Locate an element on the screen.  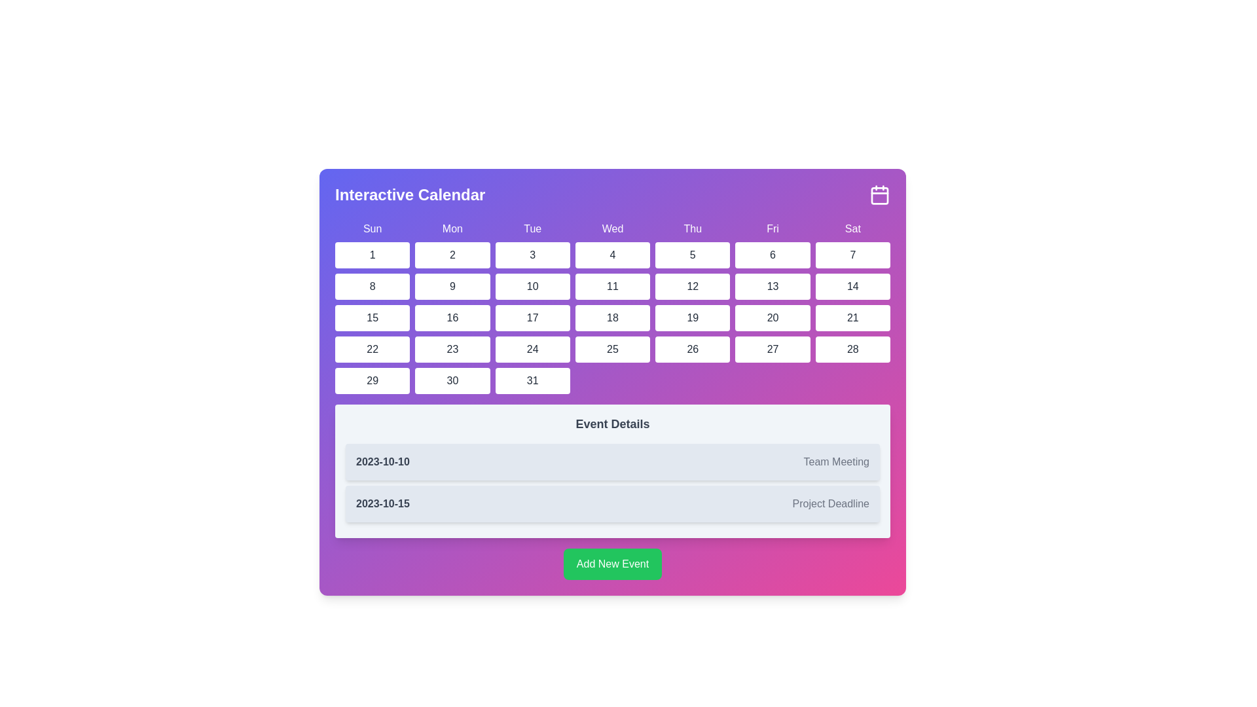
the rectangular button displaying '24' in dark gray text, located in the fourth row and third column of the calendar grid layout, to visually highlight it is located at coordinates (532, 348).